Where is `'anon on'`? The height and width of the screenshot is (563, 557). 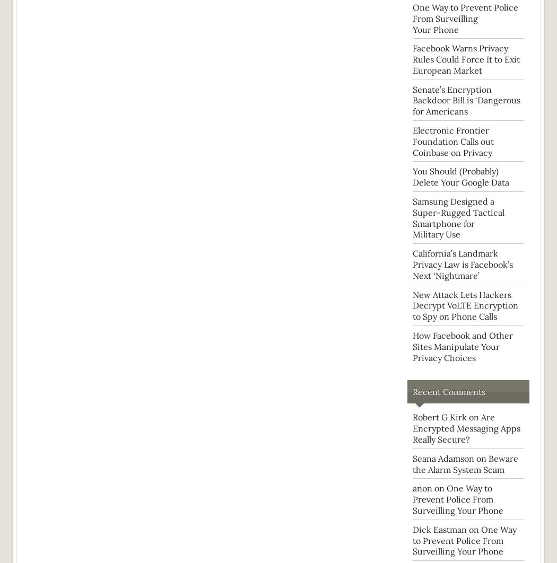
'anon on' is located at coordinates (429, 487).